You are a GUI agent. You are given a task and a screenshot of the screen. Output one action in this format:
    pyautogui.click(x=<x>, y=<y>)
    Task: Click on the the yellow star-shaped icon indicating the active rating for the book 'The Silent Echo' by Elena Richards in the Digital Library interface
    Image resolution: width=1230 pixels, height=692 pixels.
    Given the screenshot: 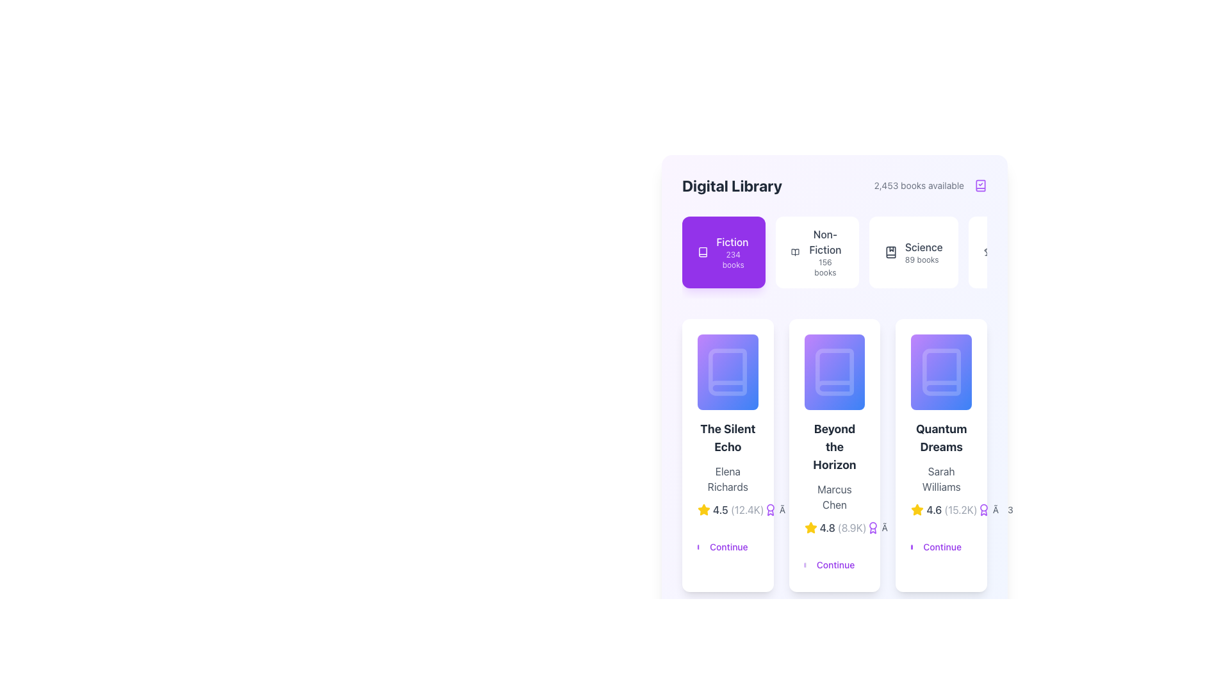 What is the action you would take?
    pyautogui.click(x=703, y=509)
    